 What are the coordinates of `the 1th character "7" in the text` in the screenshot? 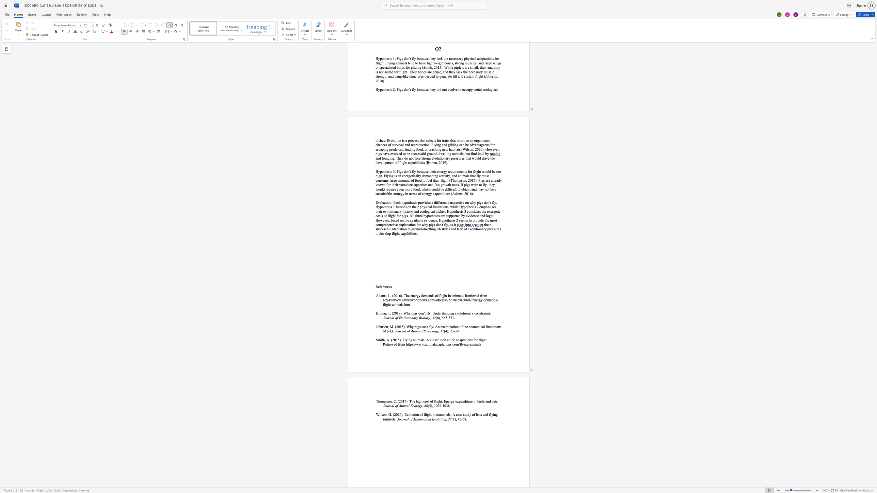 It's located at (451, 317).